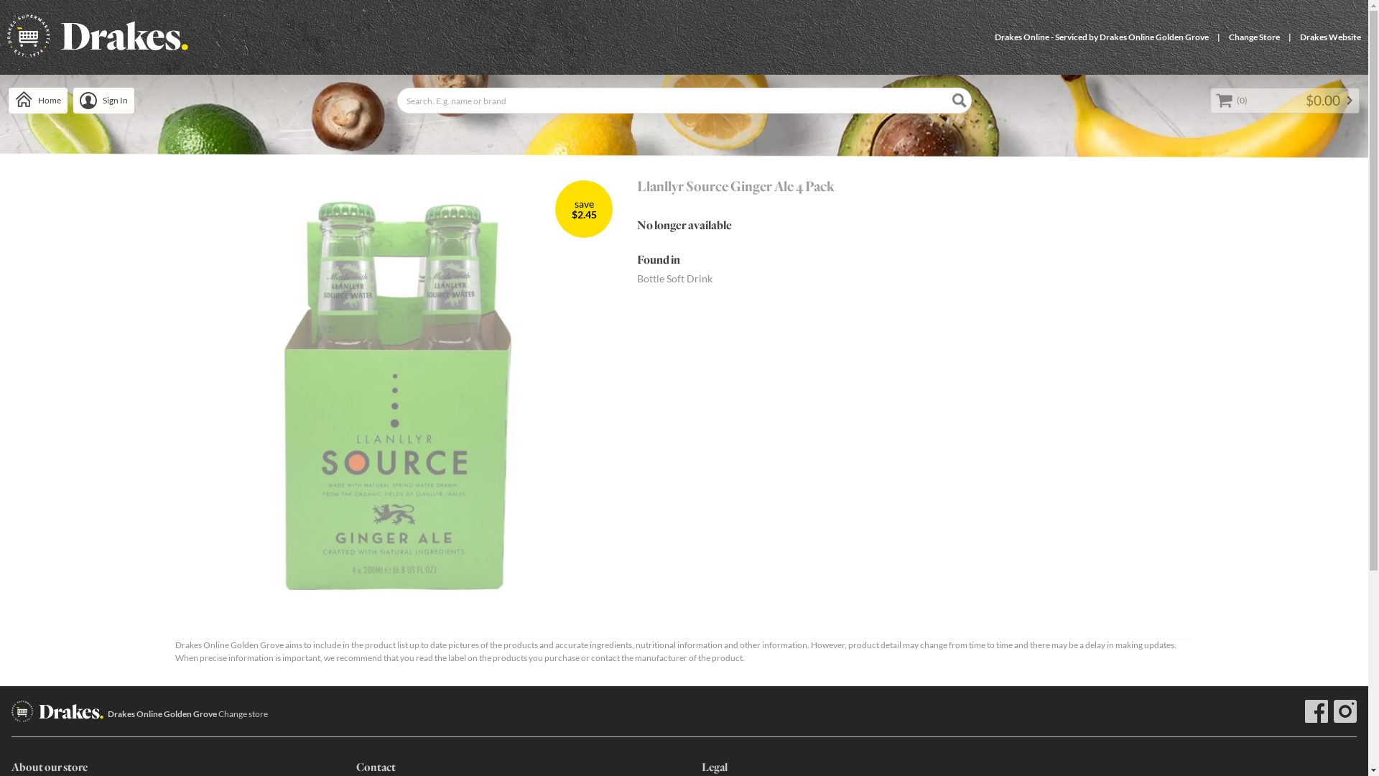 The height and width of the screenshot is (776, 1379). I want to click on 'Facebook', so click(1317, 711).